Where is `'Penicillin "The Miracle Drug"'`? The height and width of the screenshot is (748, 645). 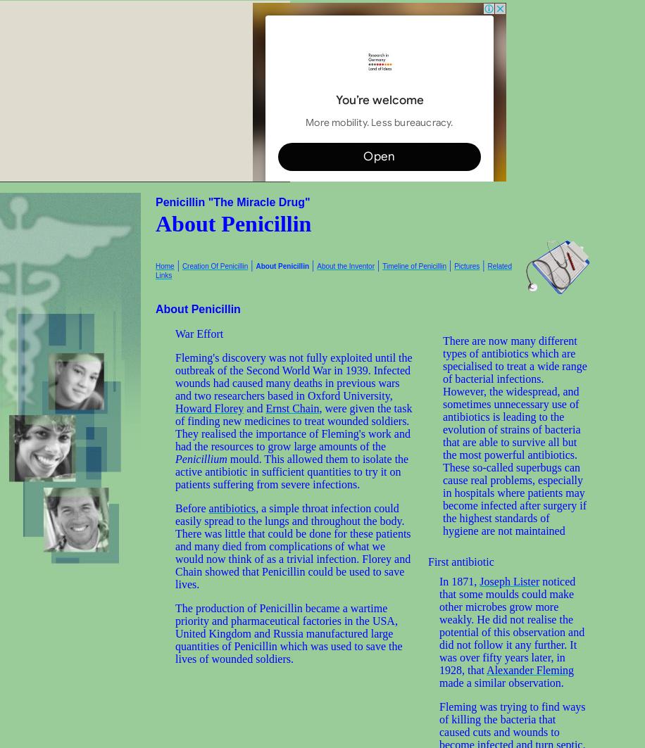
'Penicillin "The Miracle Drug"' is located at coordinates (232, 202).